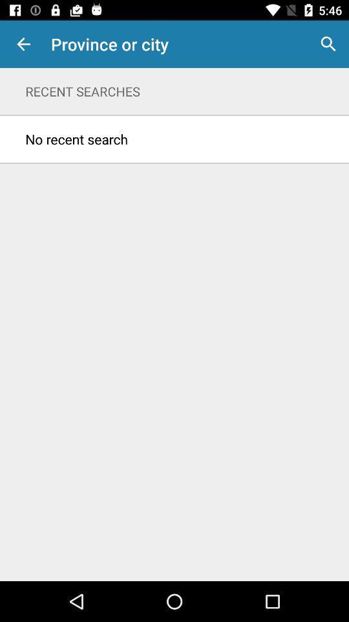 This screenshot has height=622, width=349. Describe the element at coordinates (328, 44) in the screenshot. I see `icon at the top right corner` at that location.